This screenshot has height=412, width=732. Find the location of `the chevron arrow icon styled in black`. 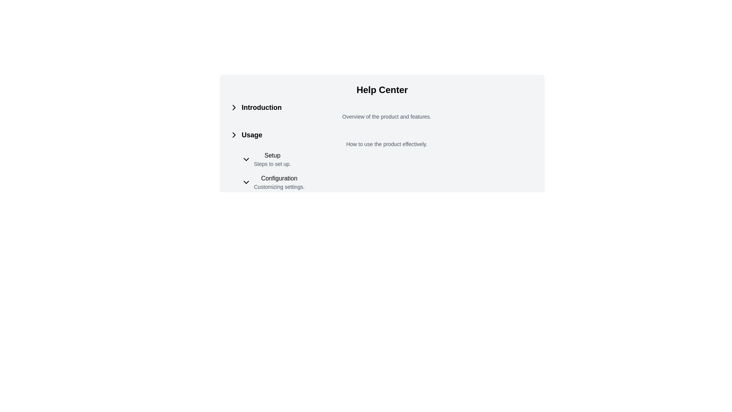

the chevron arrow icon styled in black is located at coordinates (234, 107).